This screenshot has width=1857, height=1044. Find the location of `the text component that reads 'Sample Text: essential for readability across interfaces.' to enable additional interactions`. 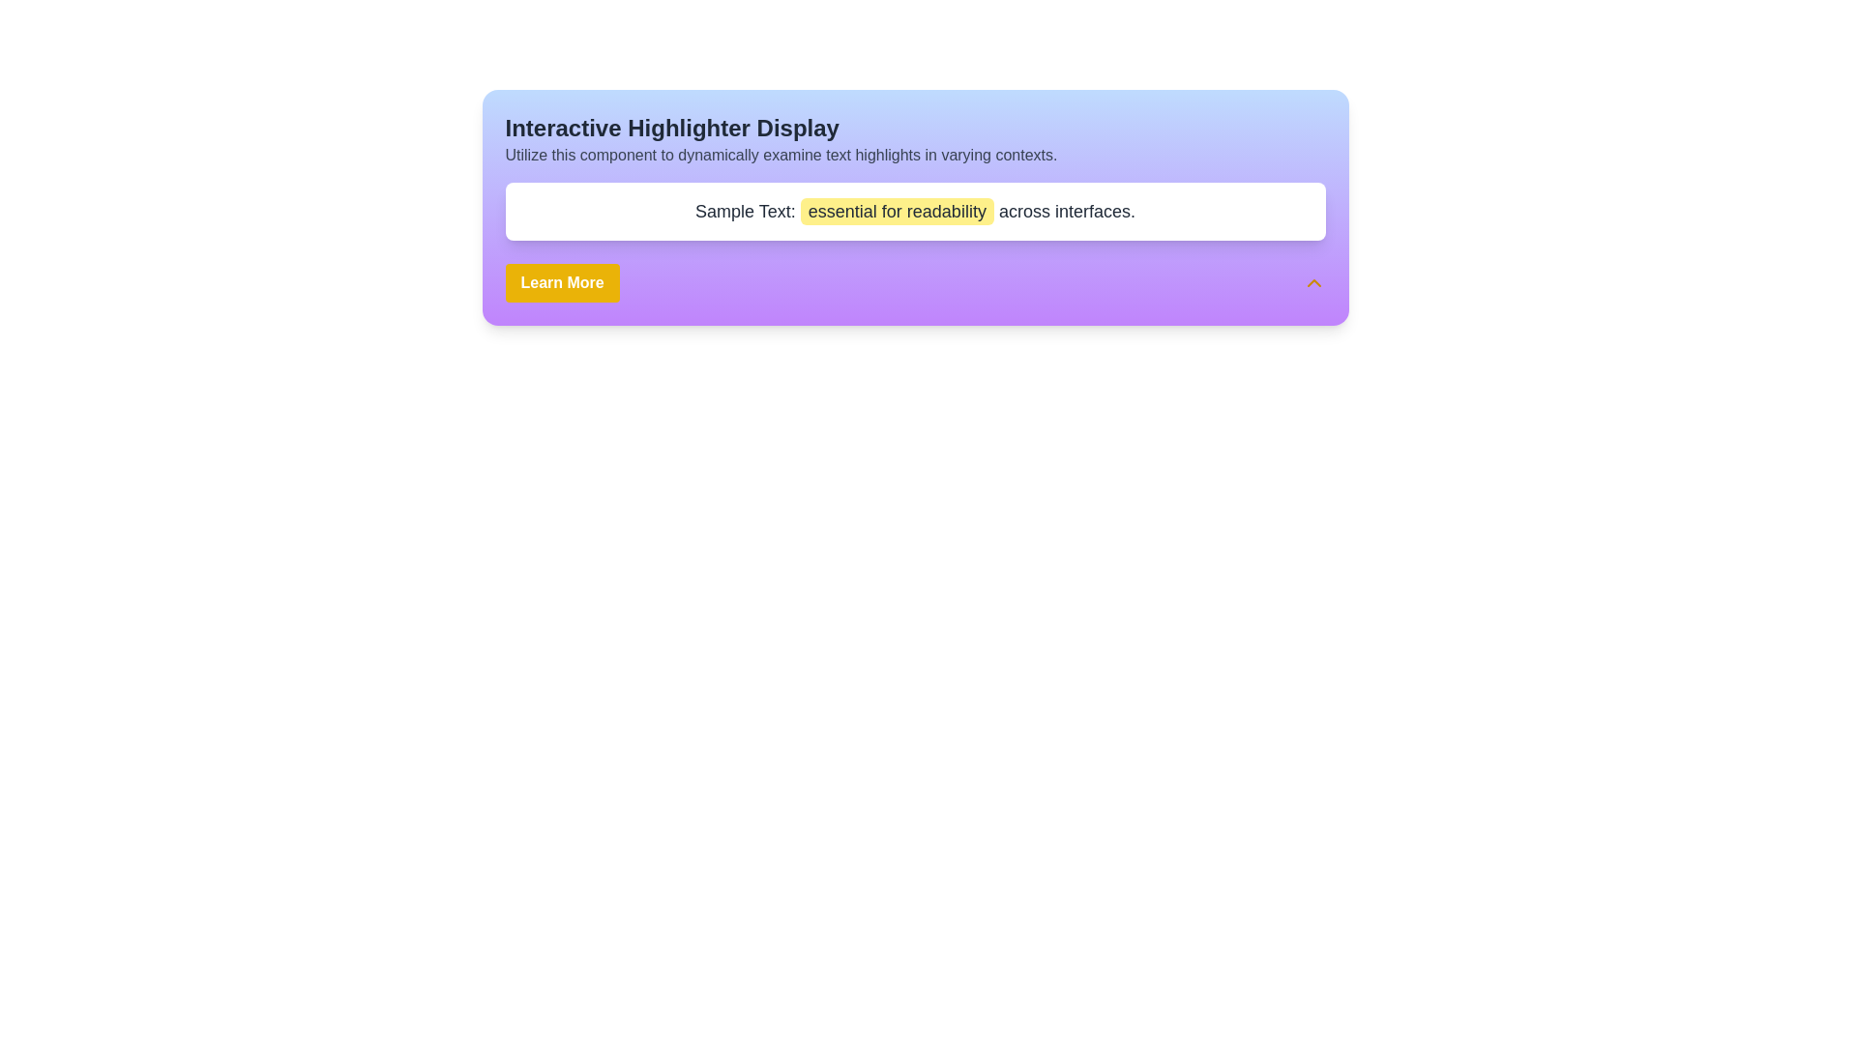

the text component that reads 'Sample Text: essential for readability across interfaces.' to enable additional interactions is located at coordinates (914, 212).